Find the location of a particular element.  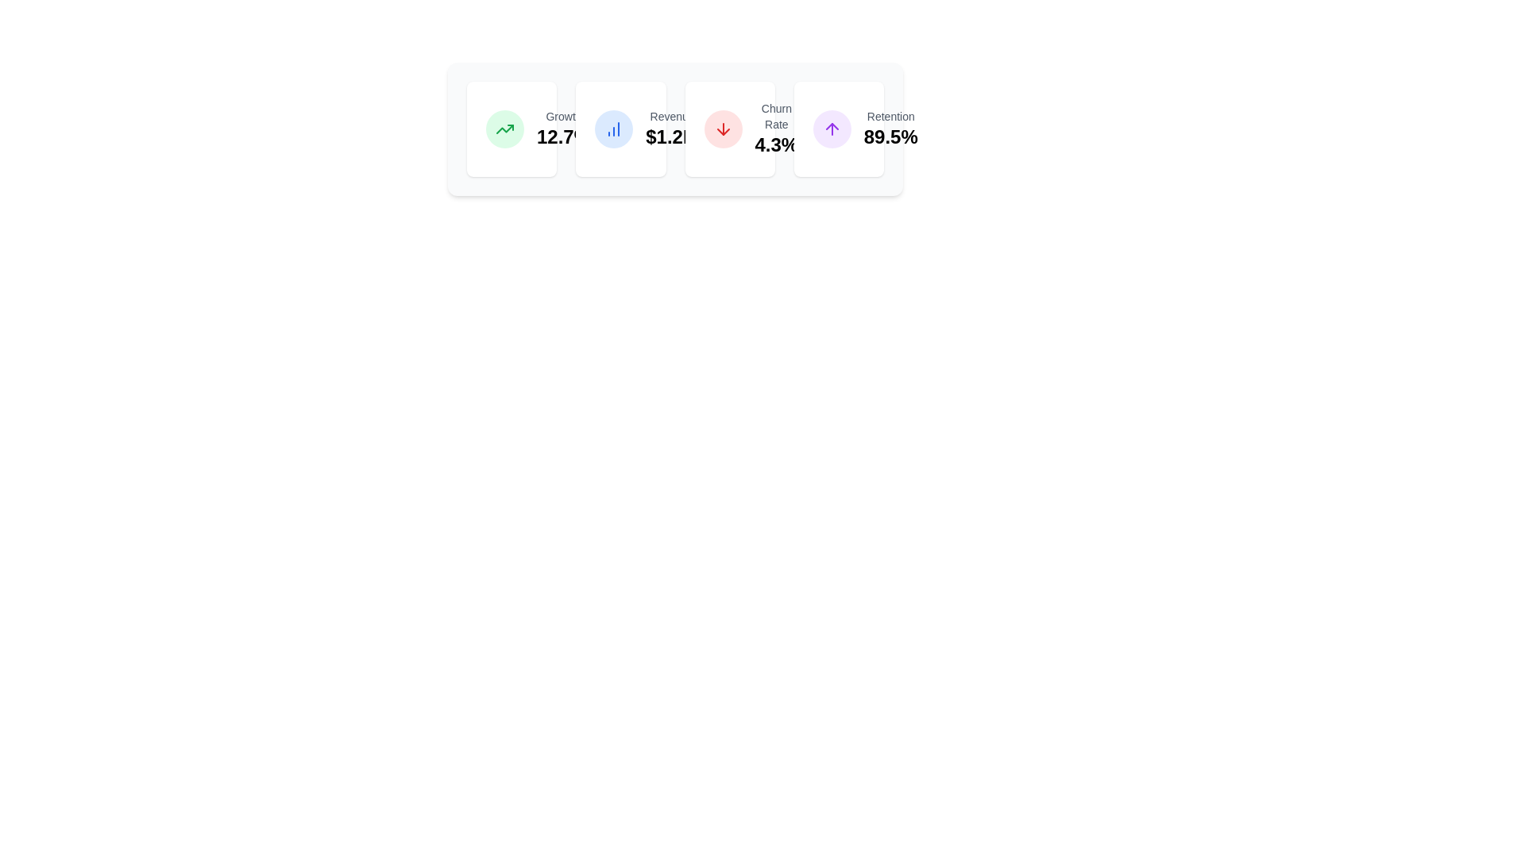

the static text displaying '89.5%' located under the 'Retention' label in the fourth card from the left is located at coordinates (890, 136).